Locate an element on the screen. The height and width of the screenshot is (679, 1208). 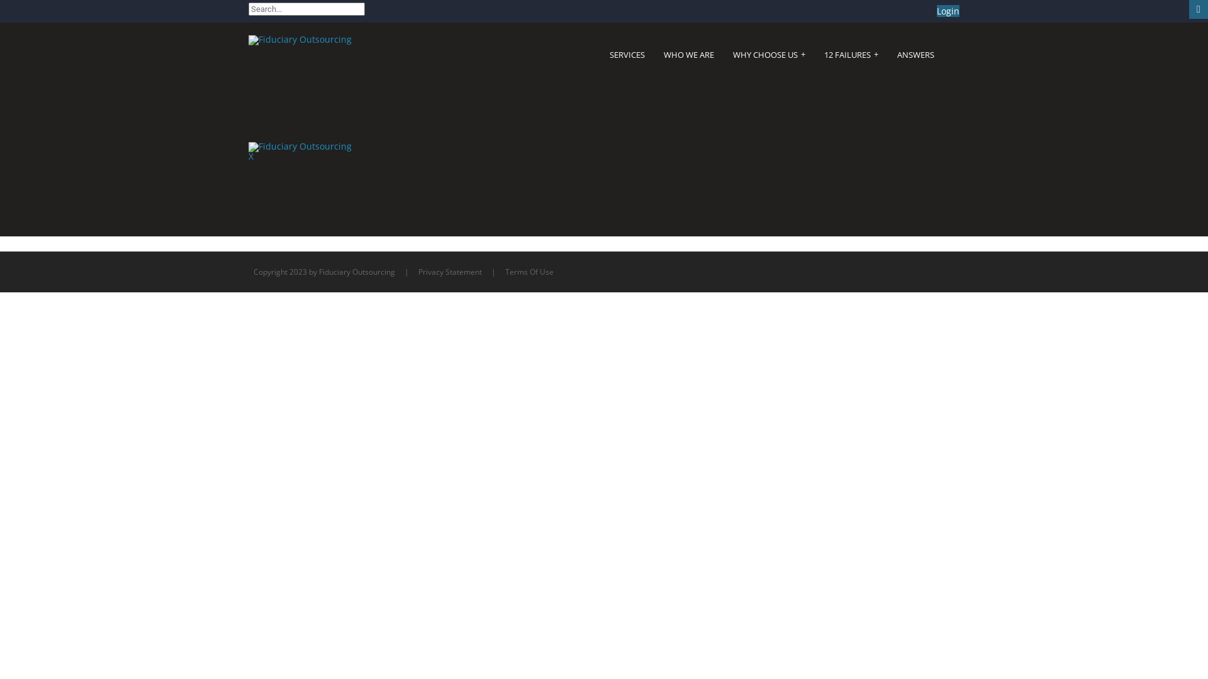
'Login' is located at coordinates (948, 11).